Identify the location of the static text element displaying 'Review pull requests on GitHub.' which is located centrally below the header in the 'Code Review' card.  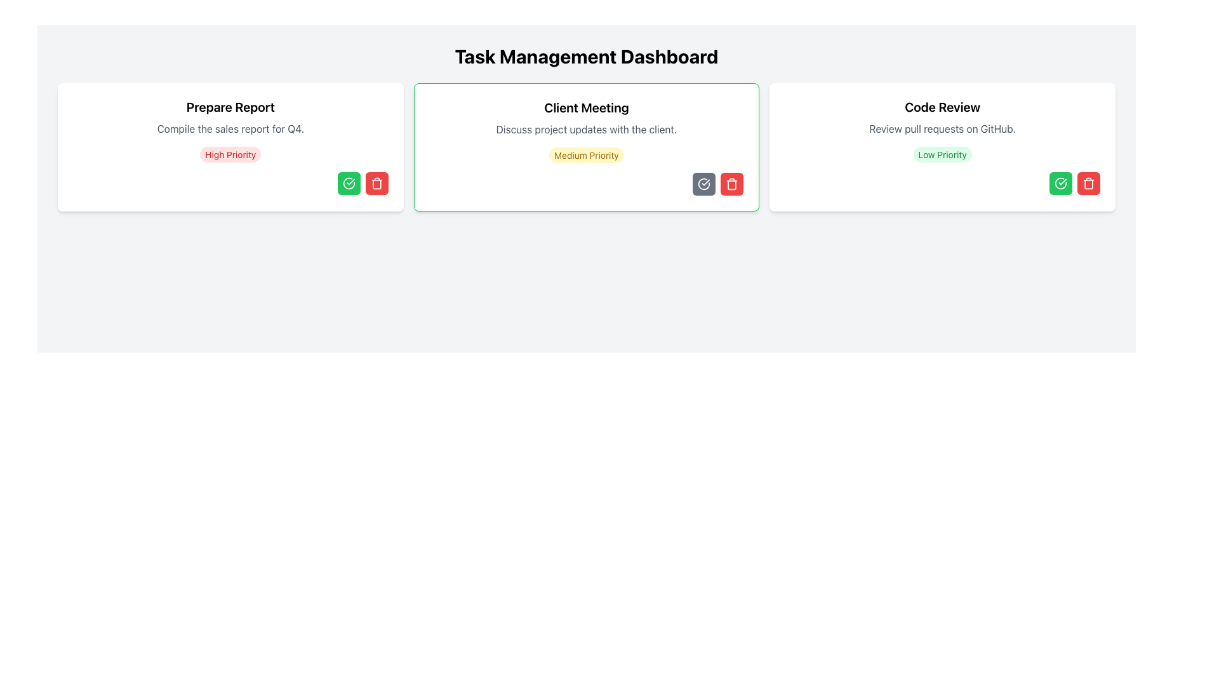
(942, 129).